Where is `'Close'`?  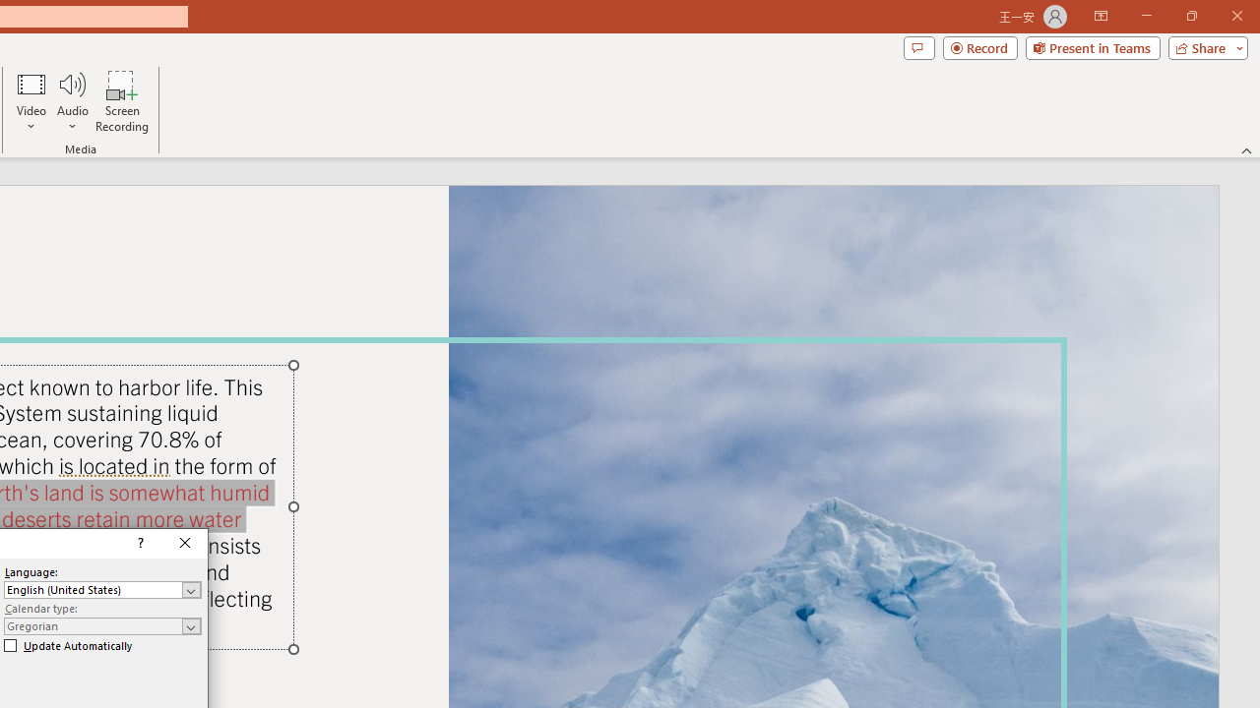
'Close' is located at coordinates (185, 543).